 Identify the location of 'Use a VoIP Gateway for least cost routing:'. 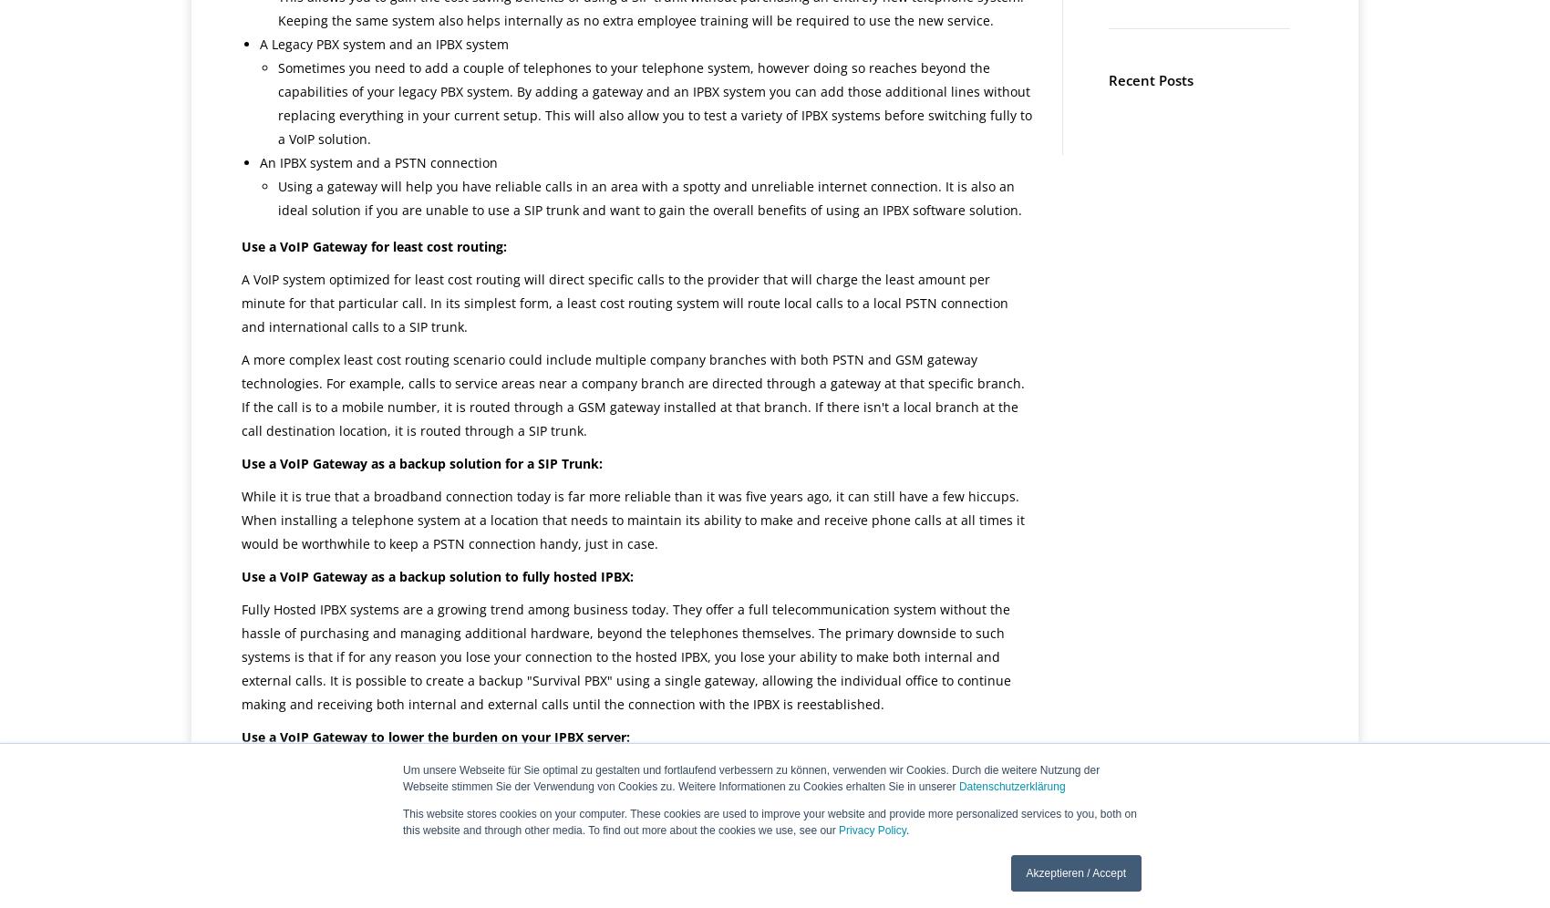
(373, 246).